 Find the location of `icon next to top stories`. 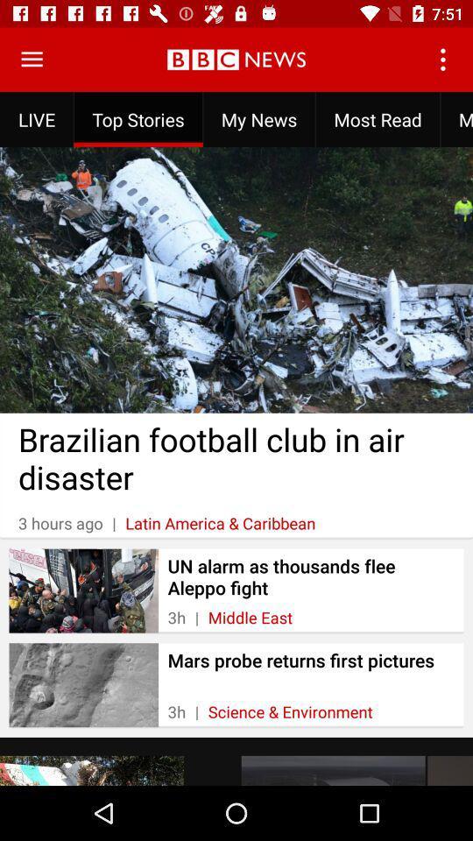

icon next to top stories is located at coordinates (258, 118).